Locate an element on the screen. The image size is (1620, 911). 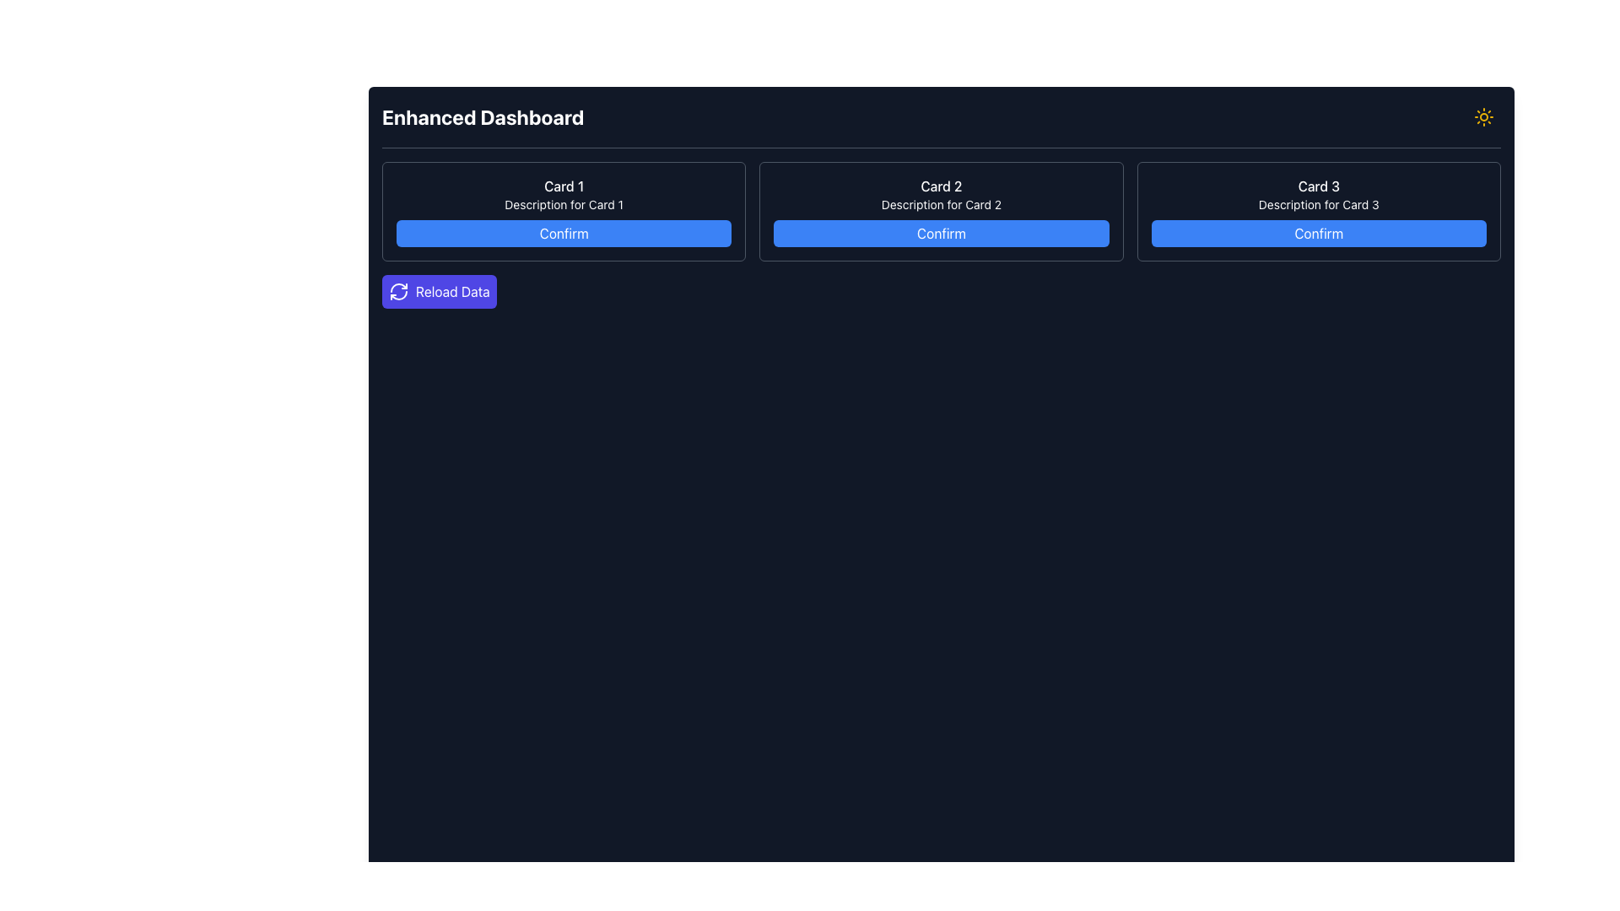
the static text label located between the title 'Card 1' and the blue 'Confirm' button in the first card of the row is located at coordinates (564, 204).